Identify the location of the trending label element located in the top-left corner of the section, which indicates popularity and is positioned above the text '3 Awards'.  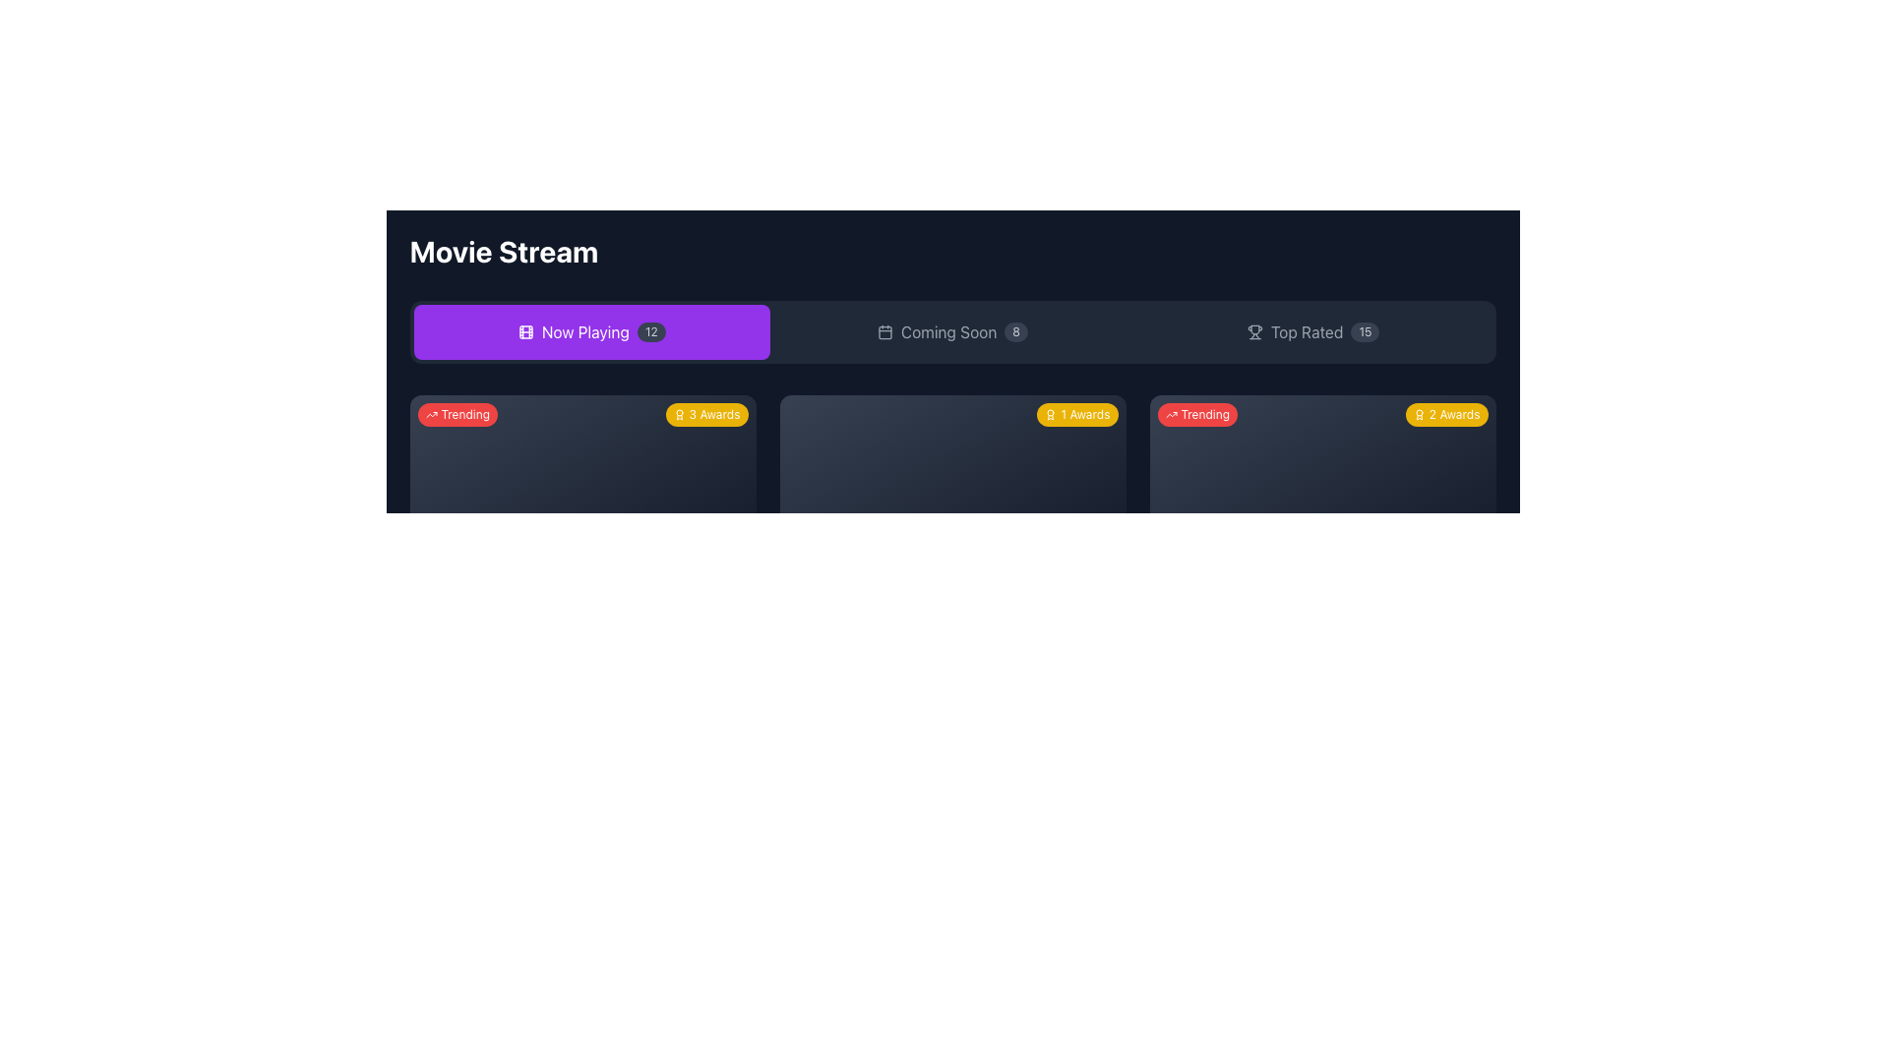
(457, 413).